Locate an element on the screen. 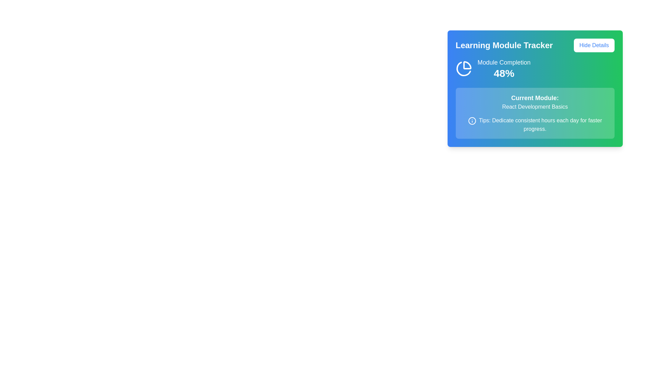  the Static Text Label displaying 'Current Module:' to check for a tooltip is located at coordinates (534, 98).